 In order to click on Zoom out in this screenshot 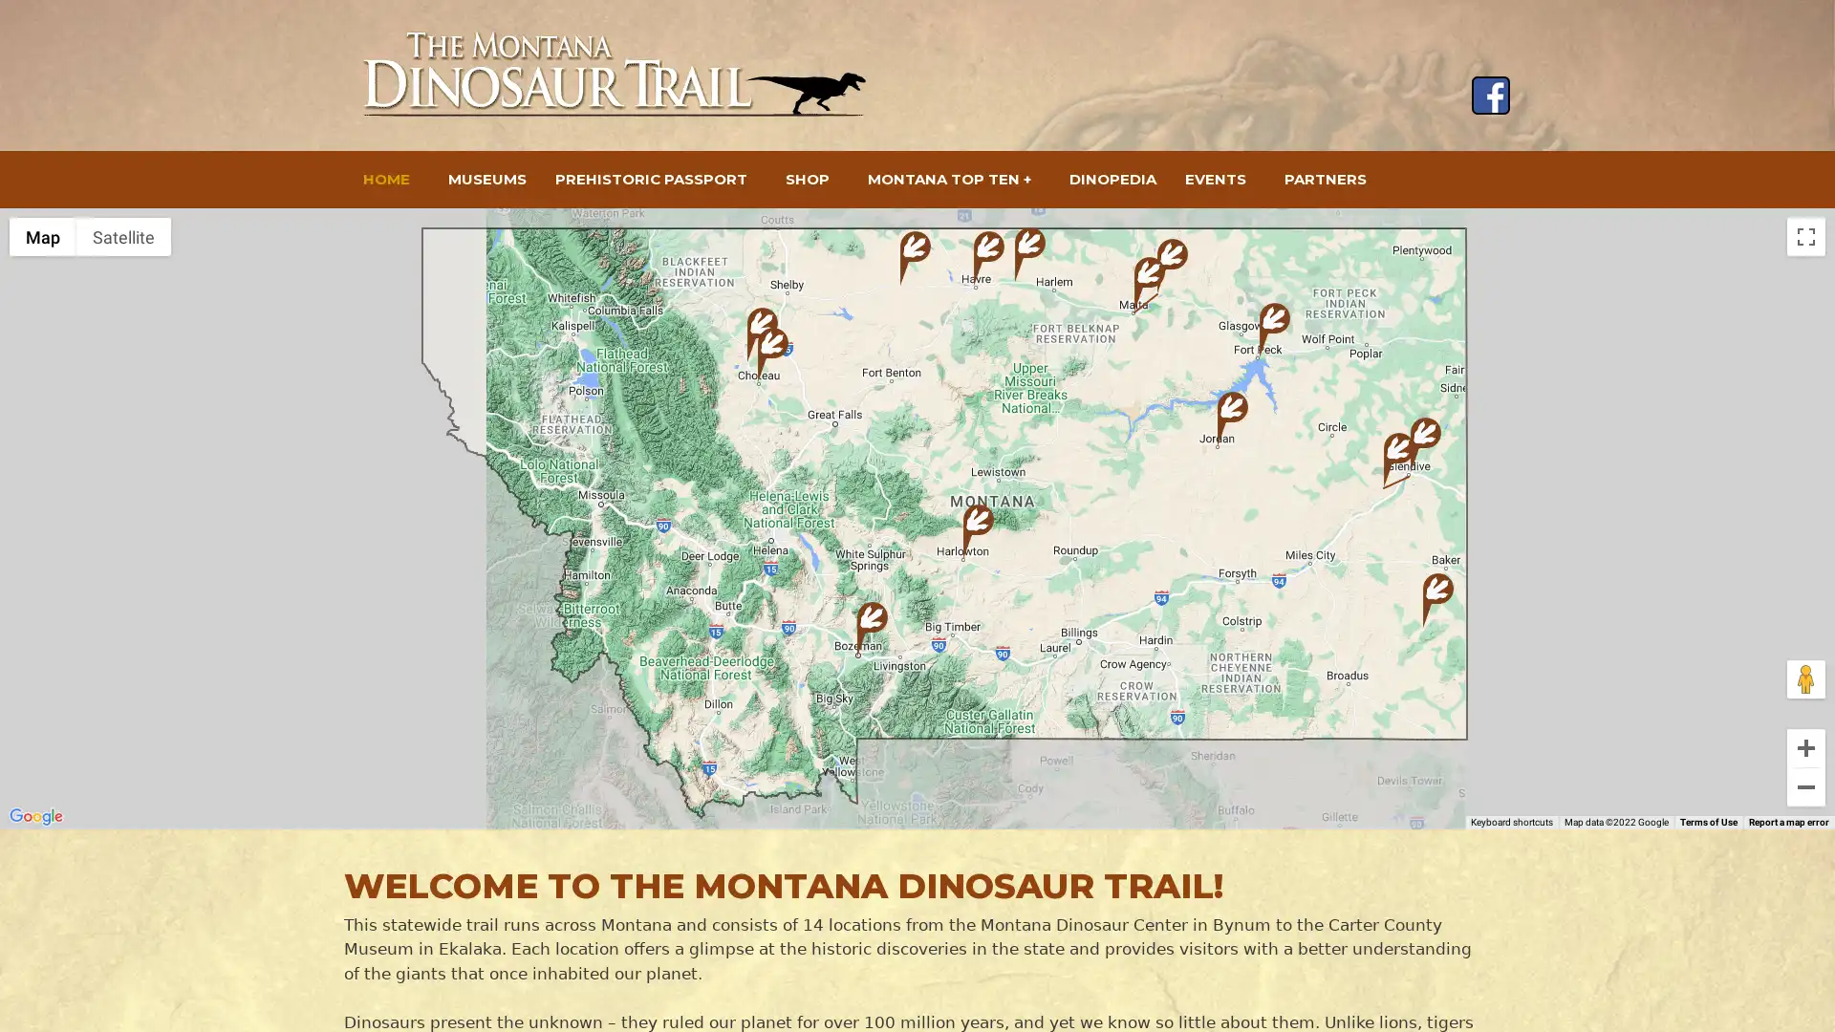, I will do `click(1805, 787)`.